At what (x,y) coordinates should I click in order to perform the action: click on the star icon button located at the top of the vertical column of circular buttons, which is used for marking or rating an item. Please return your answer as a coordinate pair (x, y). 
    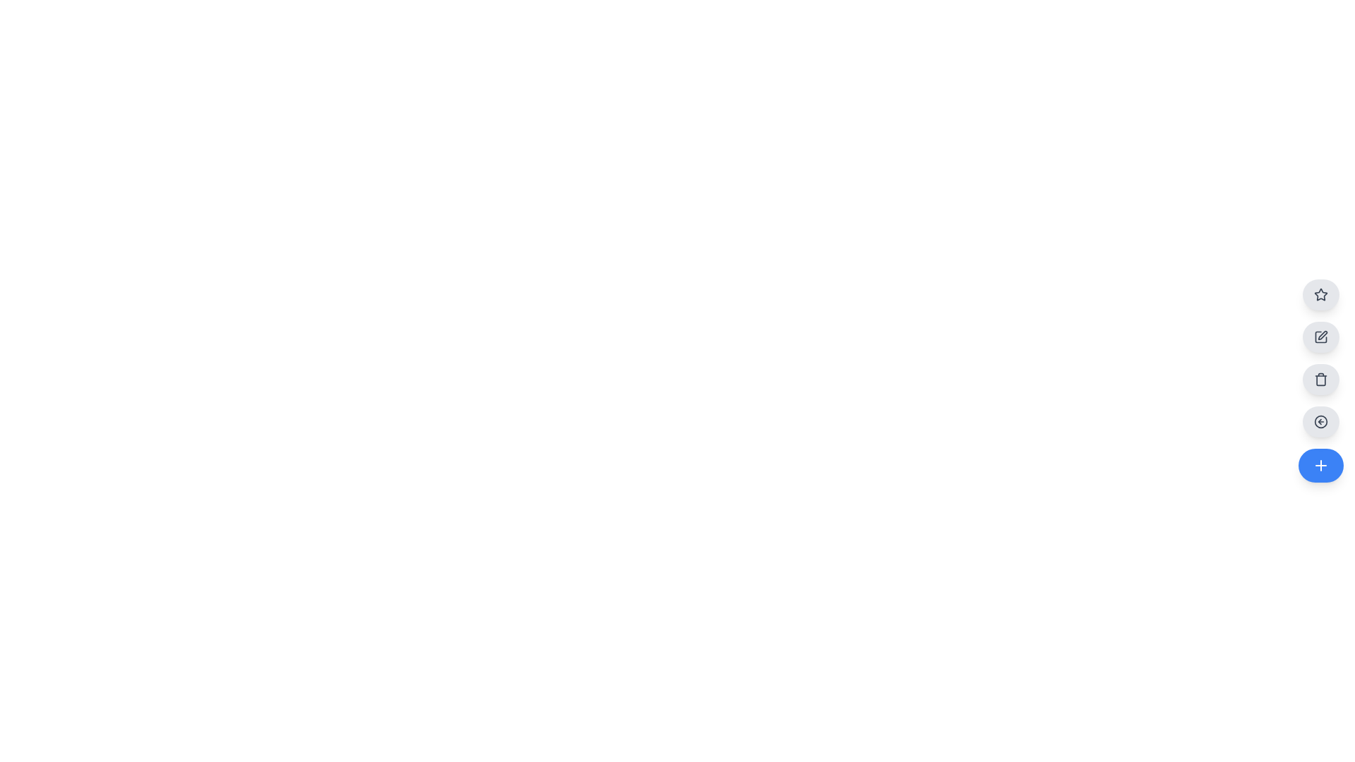
    Looking at the image, I should click on (1320, 294).